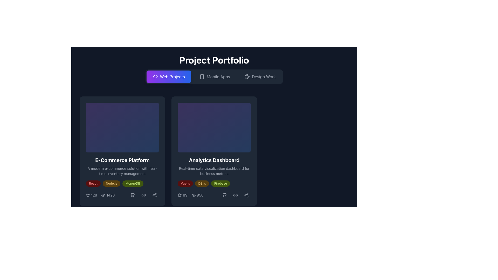 This screenshot has height=280, width=498. Describe the element at coordinates (247, 77) in the screenshot. I see `the inactive palette icon located in the 'Design Work' selector tab, positioned between 'Web Projects' and 'Mobile Apps'` at that location.